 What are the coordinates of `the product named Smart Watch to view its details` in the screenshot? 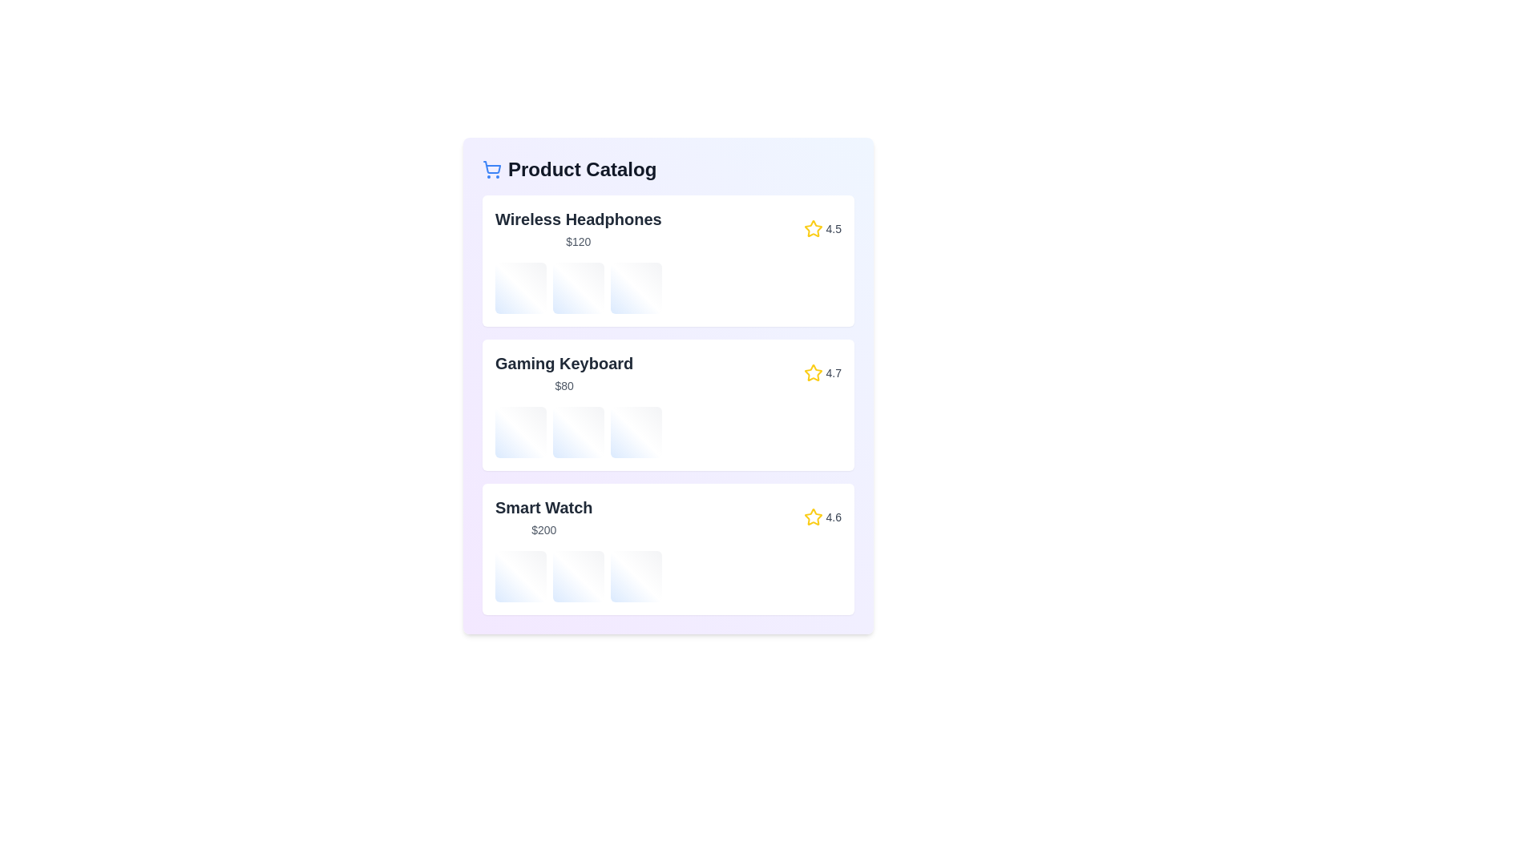 It's located at (669, 549).